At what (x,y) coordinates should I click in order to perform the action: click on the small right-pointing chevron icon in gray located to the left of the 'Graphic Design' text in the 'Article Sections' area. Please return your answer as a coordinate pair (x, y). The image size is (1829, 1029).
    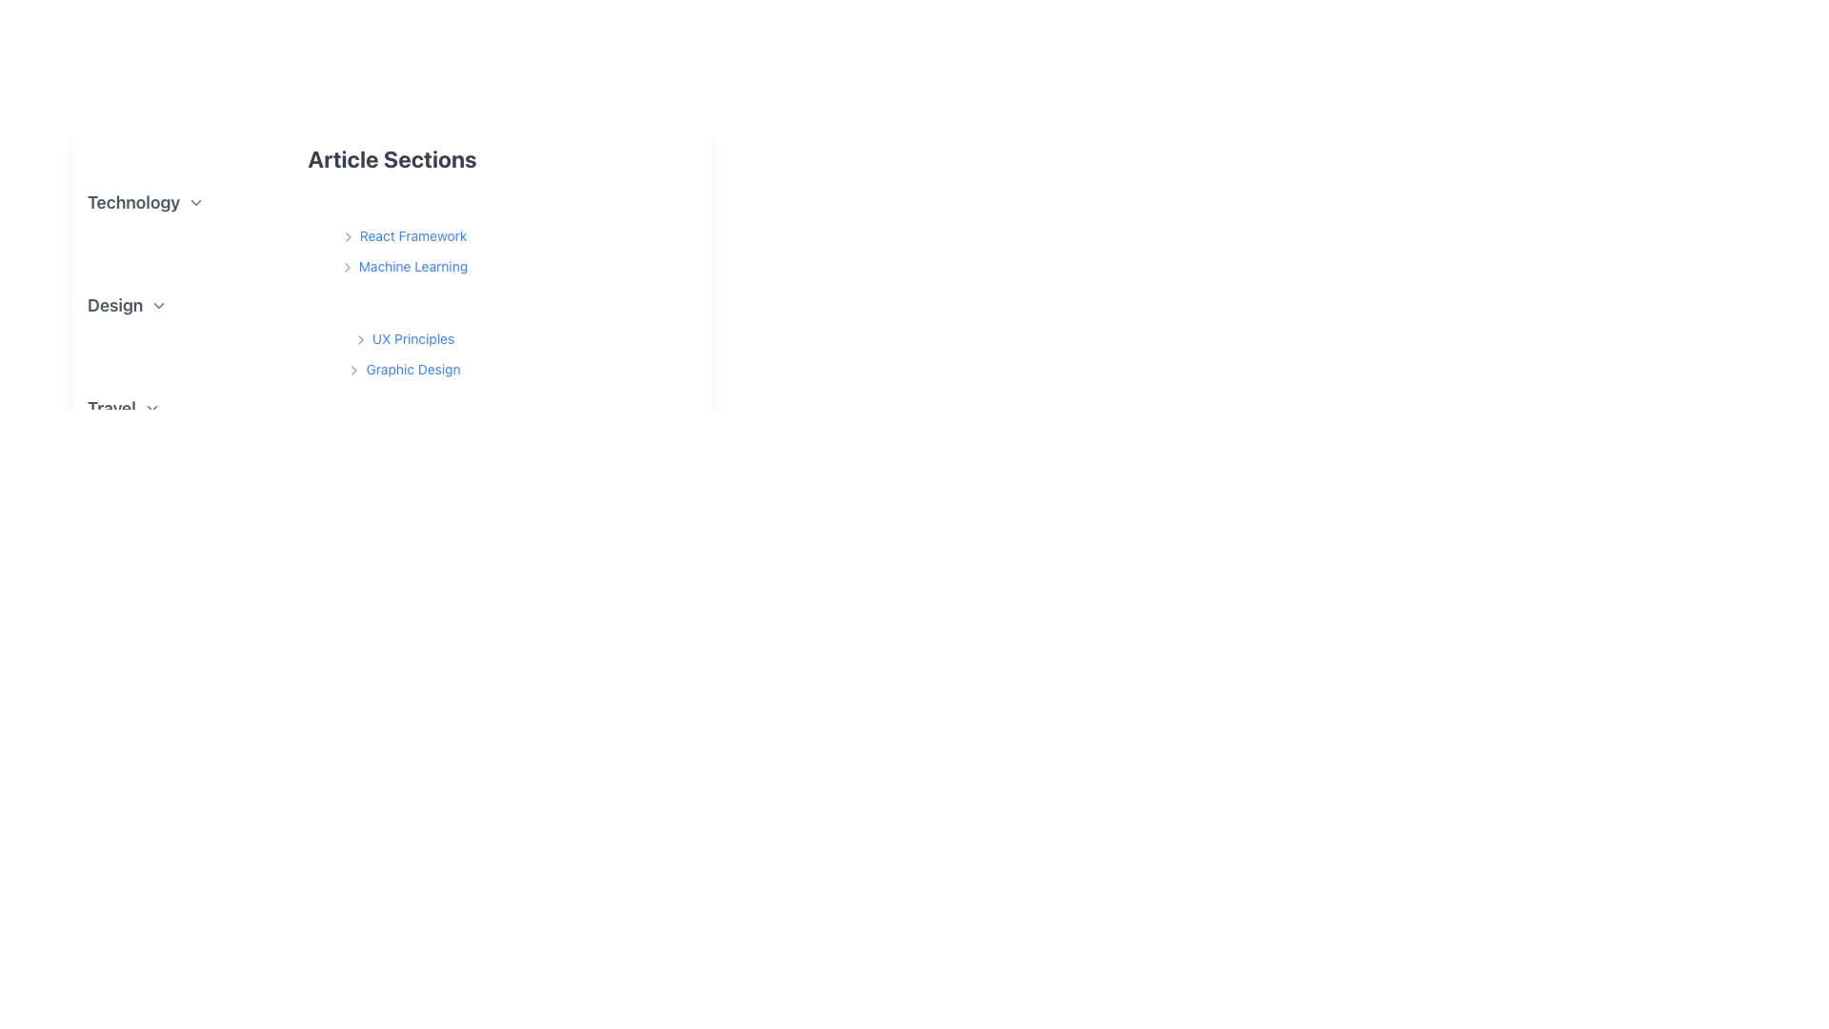
    Looking at the image, I should click on (354, 371).